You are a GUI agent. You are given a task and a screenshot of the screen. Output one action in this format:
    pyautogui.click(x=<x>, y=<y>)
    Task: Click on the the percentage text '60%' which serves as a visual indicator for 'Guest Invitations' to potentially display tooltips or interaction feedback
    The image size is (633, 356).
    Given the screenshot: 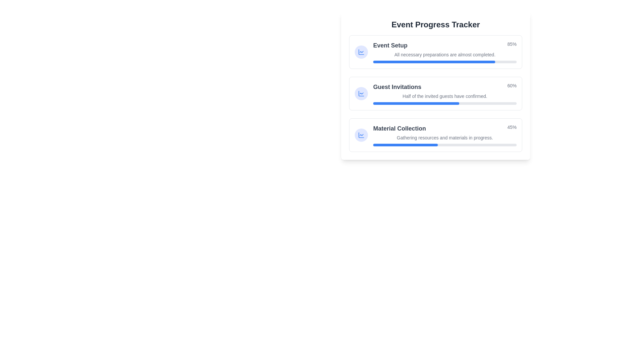 What is the action you would take?
    pyautogui.click(x=511, y=86)
    